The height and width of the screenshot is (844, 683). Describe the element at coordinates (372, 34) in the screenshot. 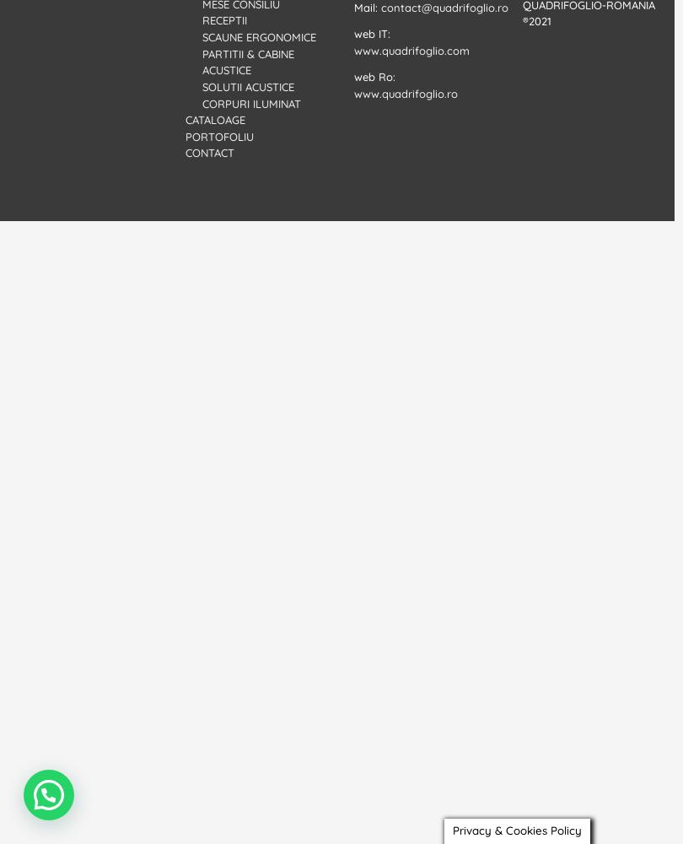

I see `'web IT:'` at that location.